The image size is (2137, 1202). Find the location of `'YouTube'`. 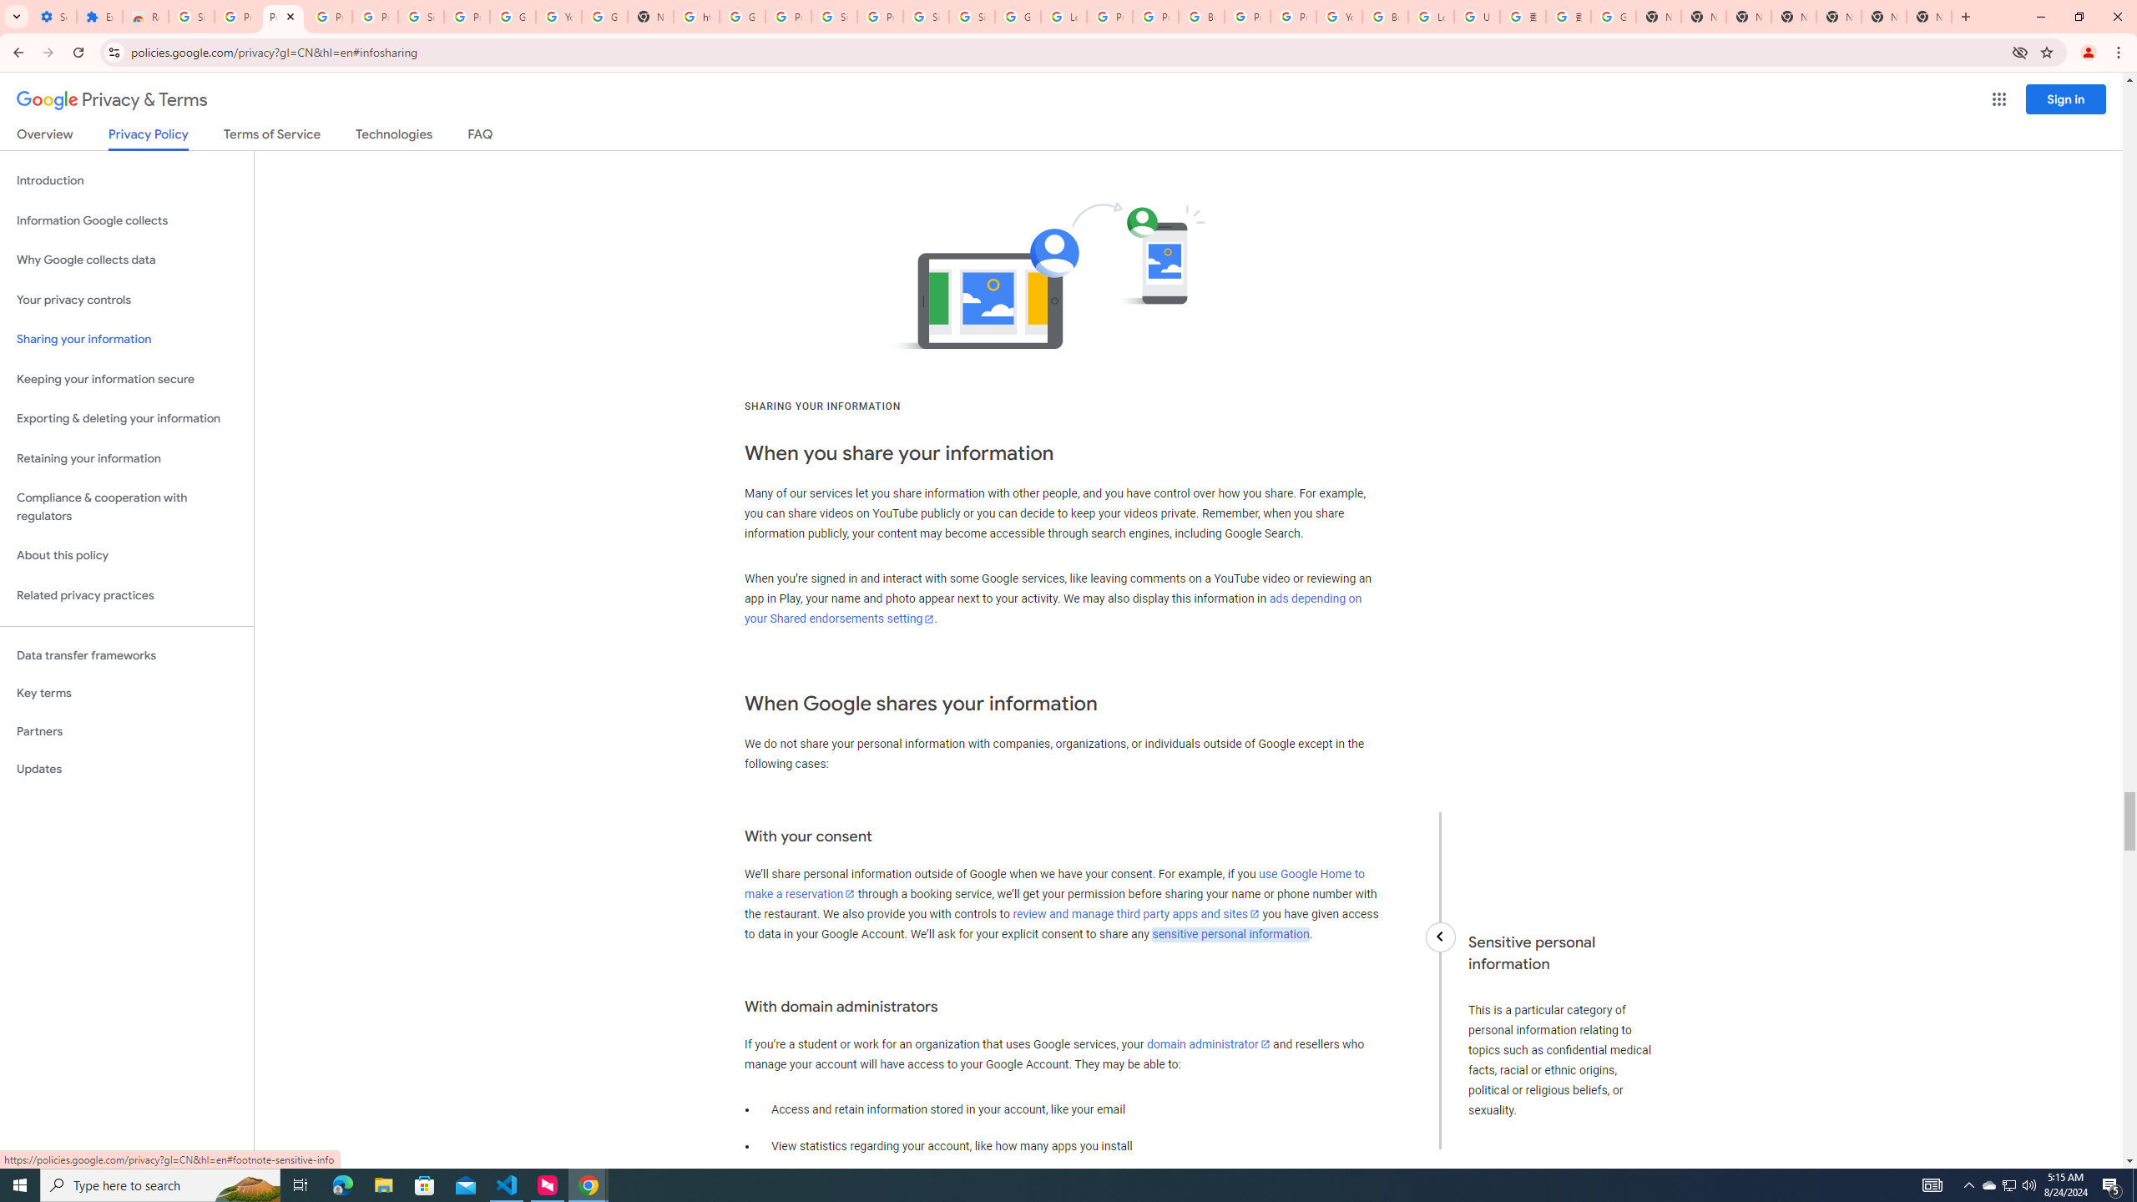

'YouTube' is located at coordinates (558, 16).